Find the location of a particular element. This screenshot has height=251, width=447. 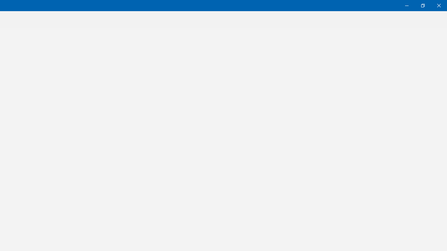

'Restore Weather' is located at coordinates (422, 5).